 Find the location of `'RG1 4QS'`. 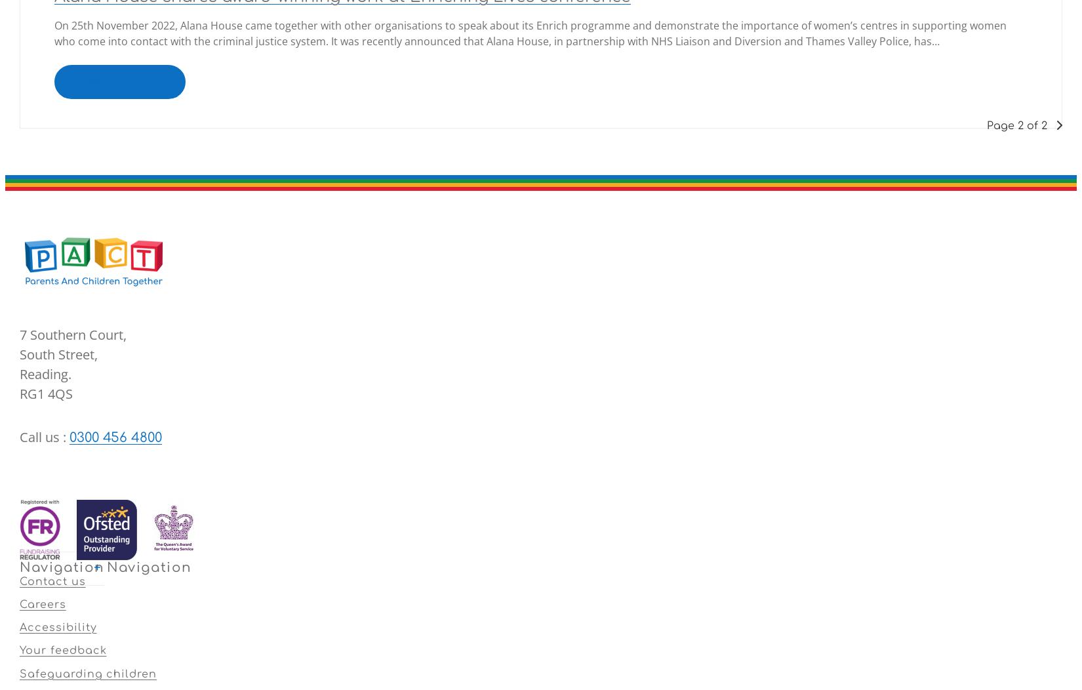

'RG1 4QS' is located at coordinates (46, 392).